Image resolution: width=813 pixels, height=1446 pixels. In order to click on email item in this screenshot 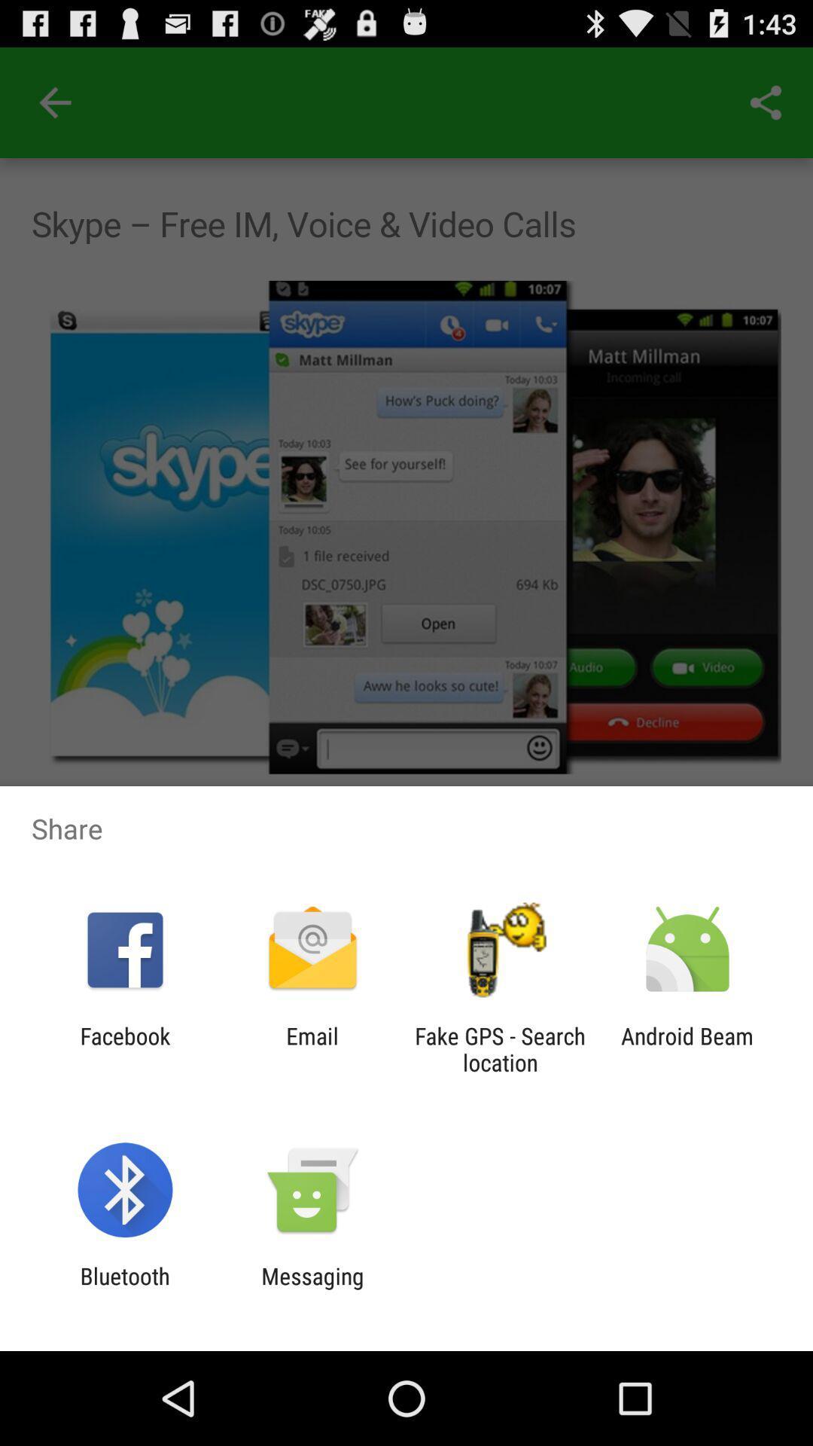, I will do `click(312, 1048)`.